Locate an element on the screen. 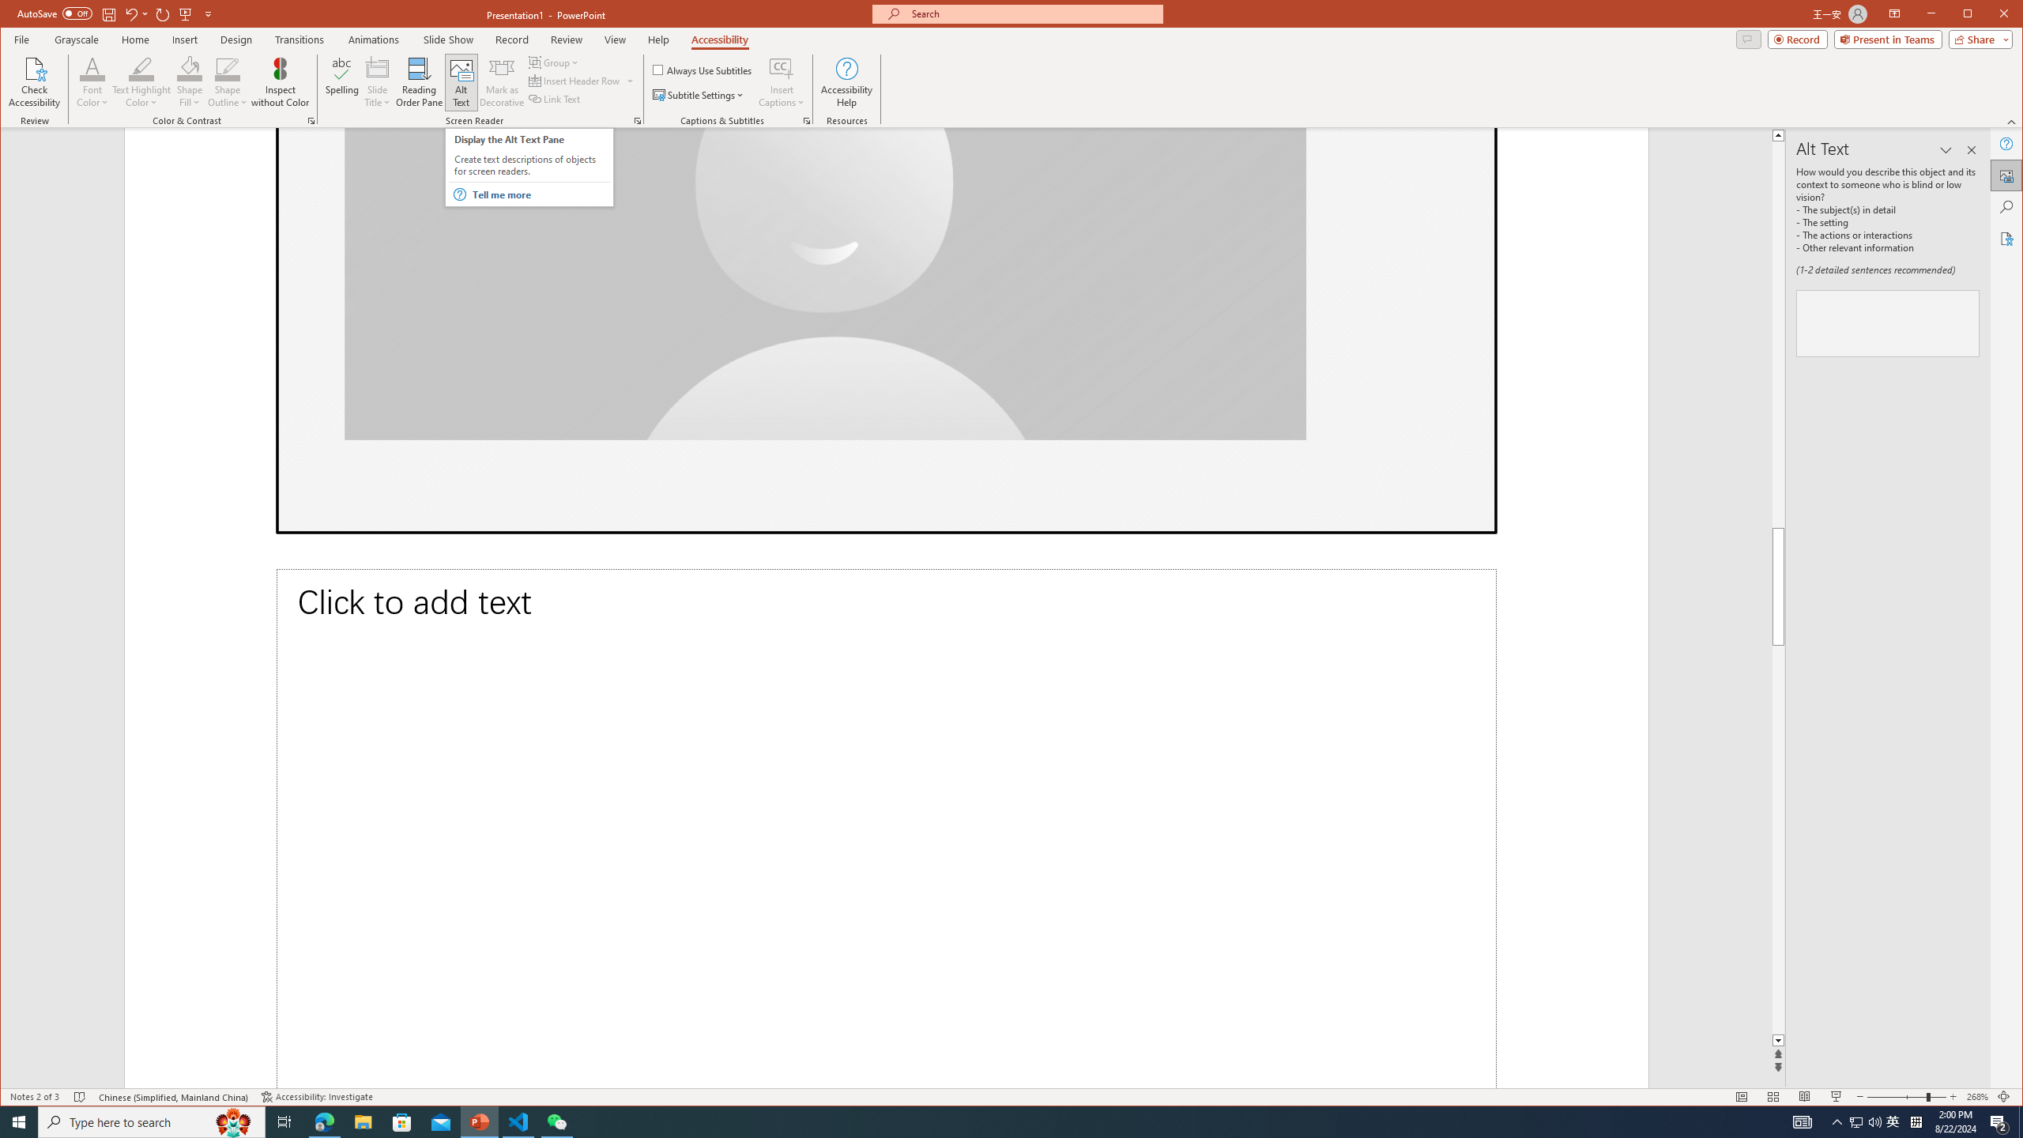  'Accessibility Help' is located at coordinates (846, 81).